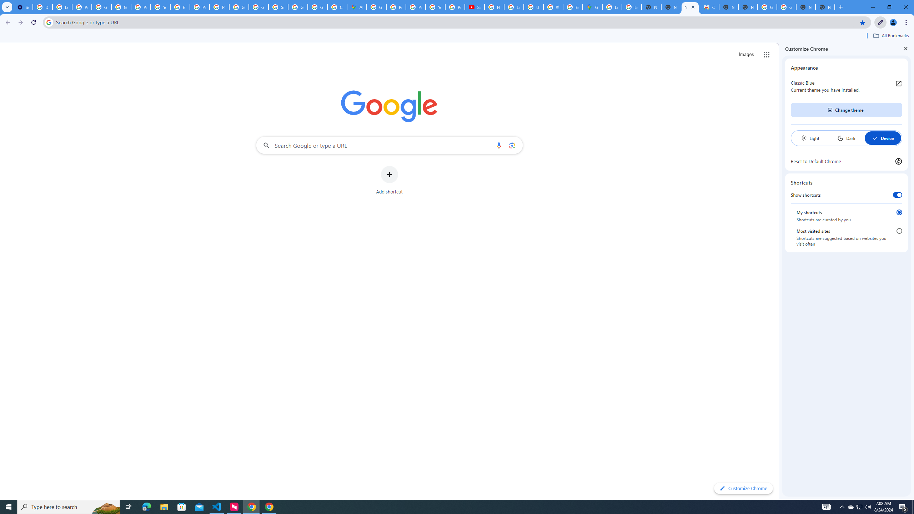  I want to click on 'Dark', so click(846, 138).